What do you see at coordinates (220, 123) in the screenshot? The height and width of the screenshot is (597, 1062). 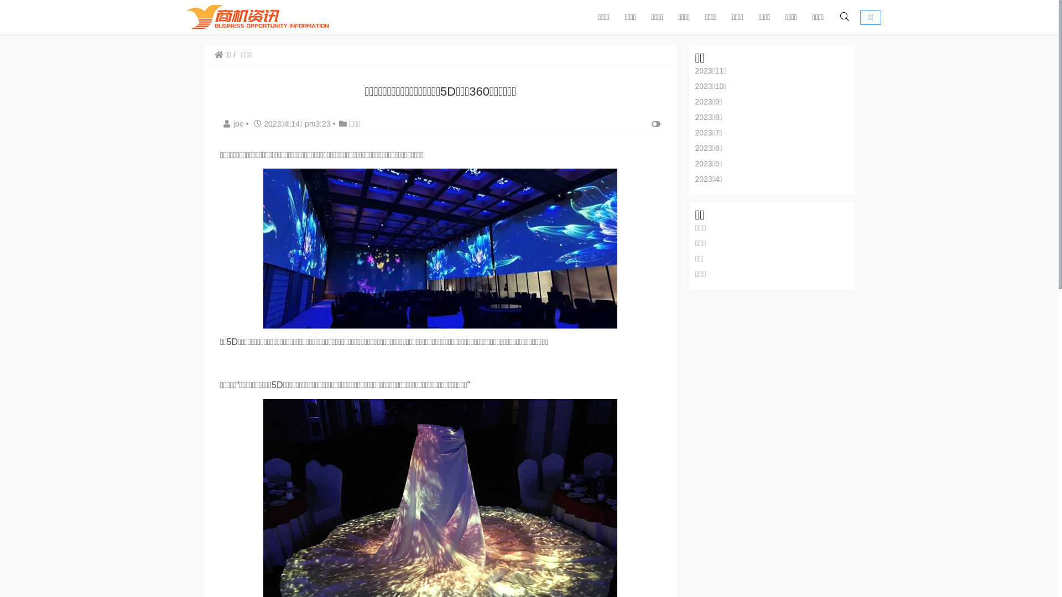 I see `'joe'` at bounding box center [220, 123].